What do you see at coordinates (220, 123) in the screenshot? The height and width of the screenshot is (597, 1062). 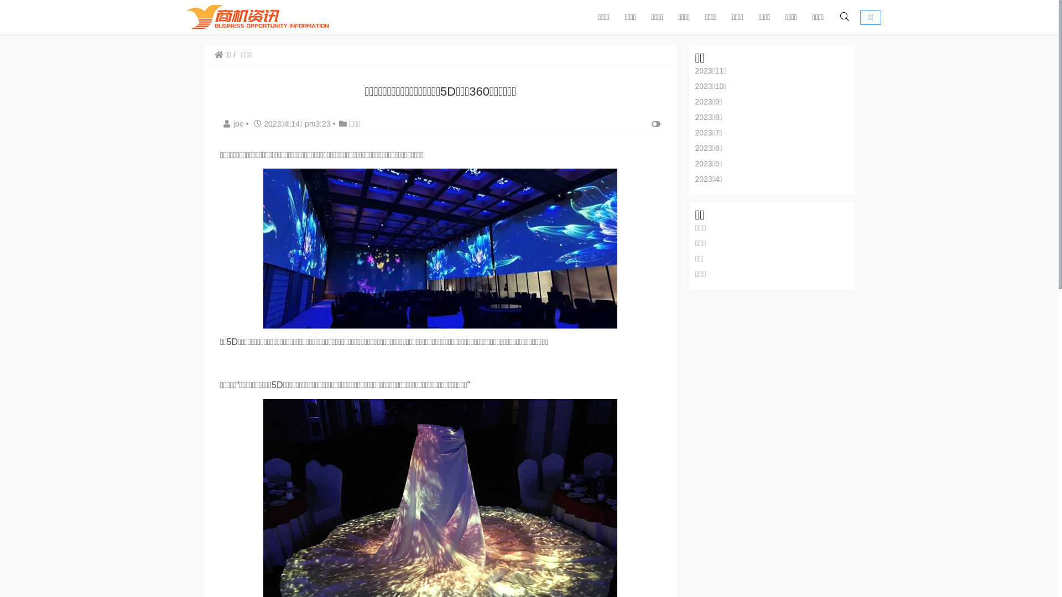 I see `'joe'` at bounding box center [220, 123].